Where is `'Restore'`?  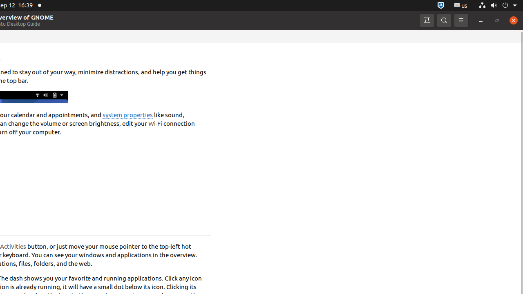
'Restore' is located at coordinates (497, 20).